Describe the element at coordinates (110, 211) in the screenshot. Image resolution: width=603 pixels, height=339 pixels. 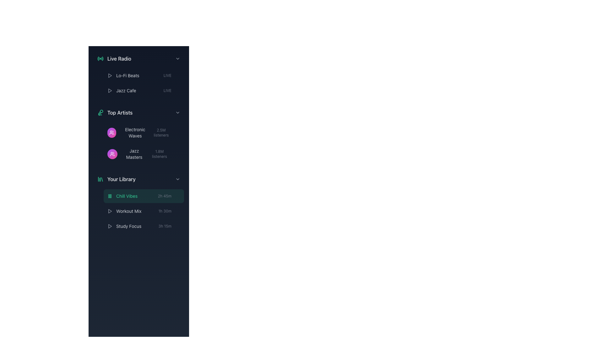
I see `the play button located in the left-side menu of the 'Your Library' section` at that location.